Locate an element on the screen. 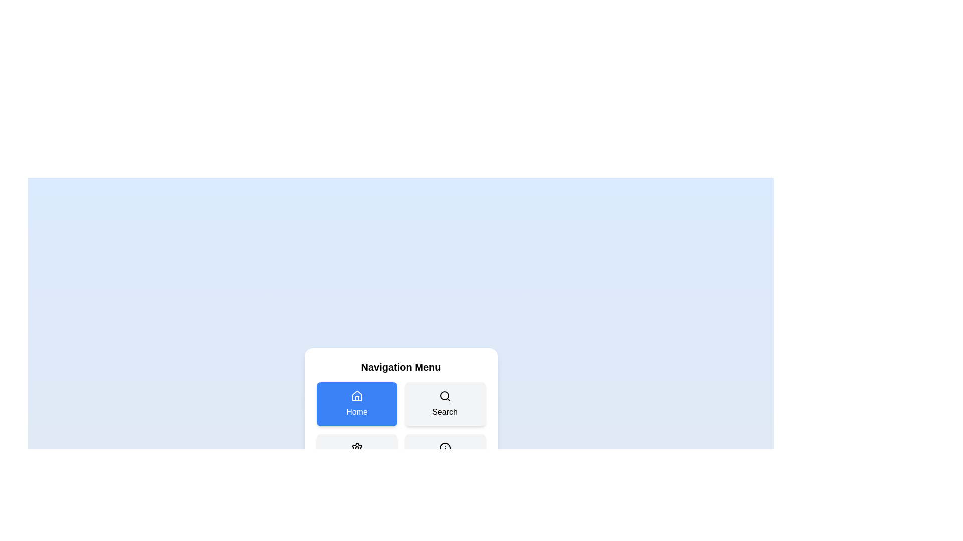 This screenshot has width=963, height=541. the menu item labeled Home to select it is located at coordinates (357, 403).